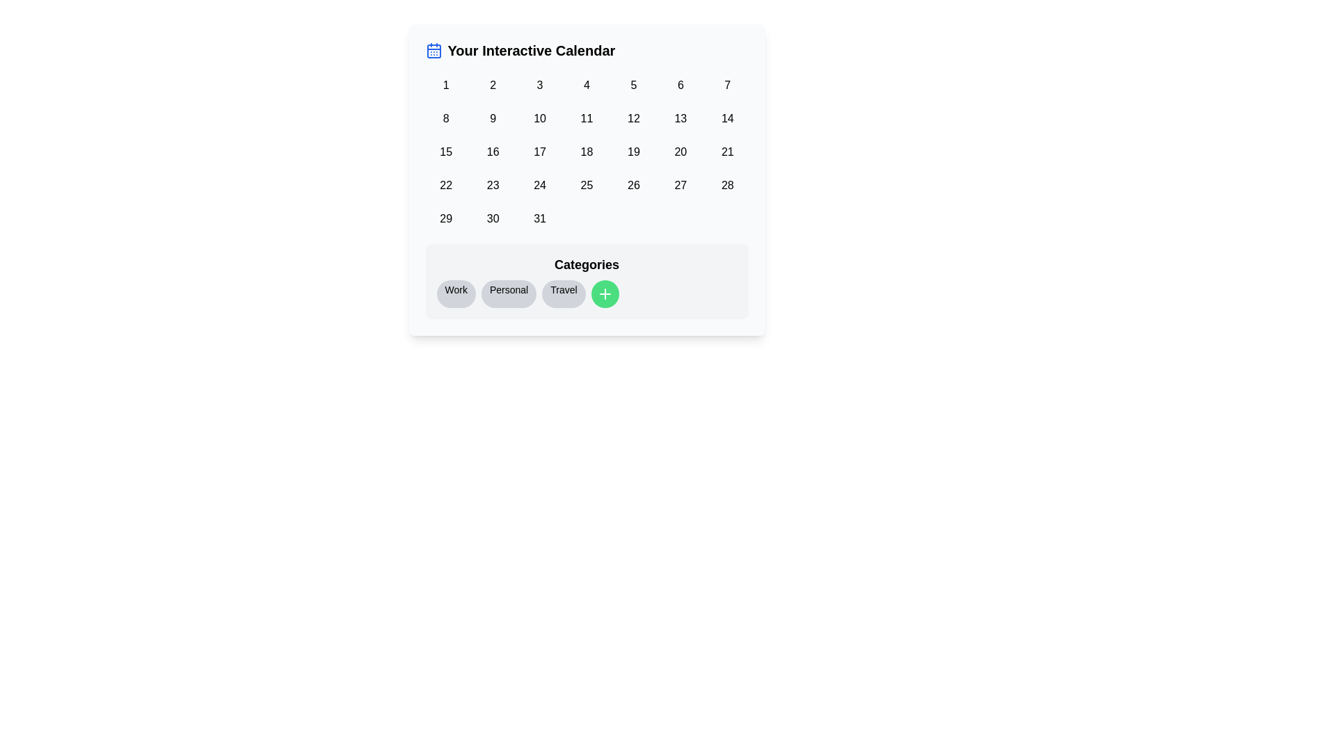 This screenshot has height=751, width=1336. Describe the element at coordinates (726, 86) in the screenshot. I see `the button representing the 7th day in the calendar interface` at that location.